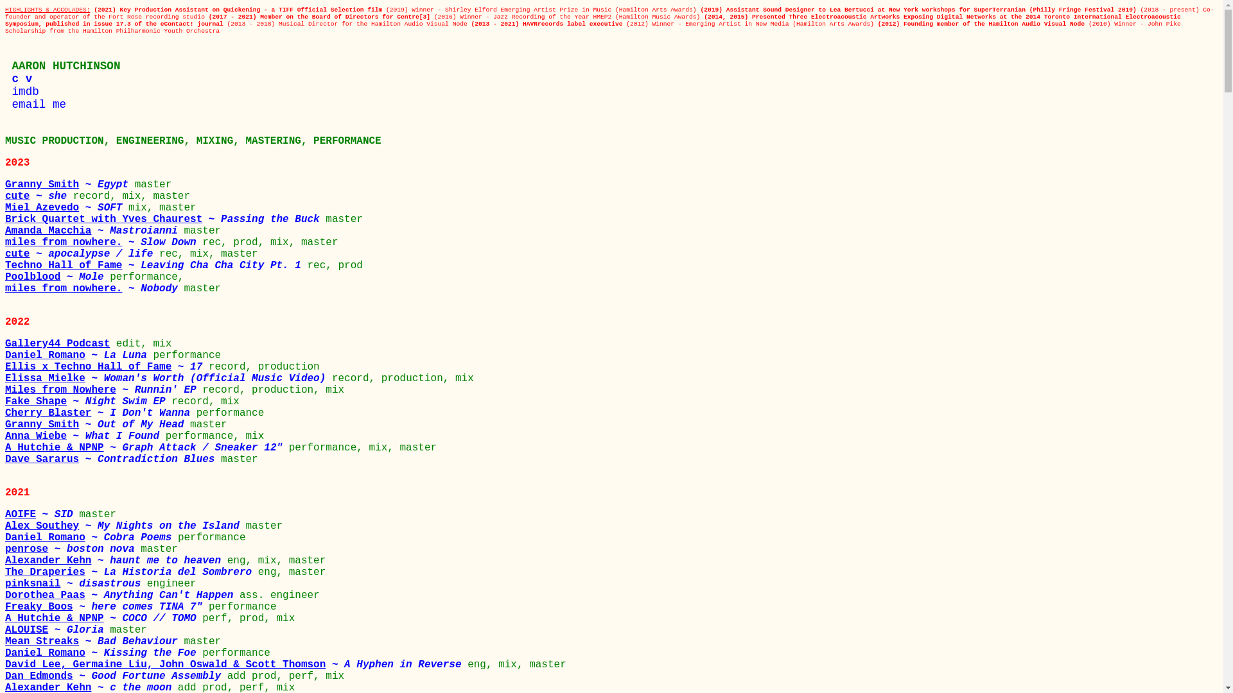 This screenshot has height=693, width=1233. Describe the element at coordinates (164, 219) in the screenshot. I see `'Brick Quartet with Yves Chaurest ~ Passing the Buck'` at that location.